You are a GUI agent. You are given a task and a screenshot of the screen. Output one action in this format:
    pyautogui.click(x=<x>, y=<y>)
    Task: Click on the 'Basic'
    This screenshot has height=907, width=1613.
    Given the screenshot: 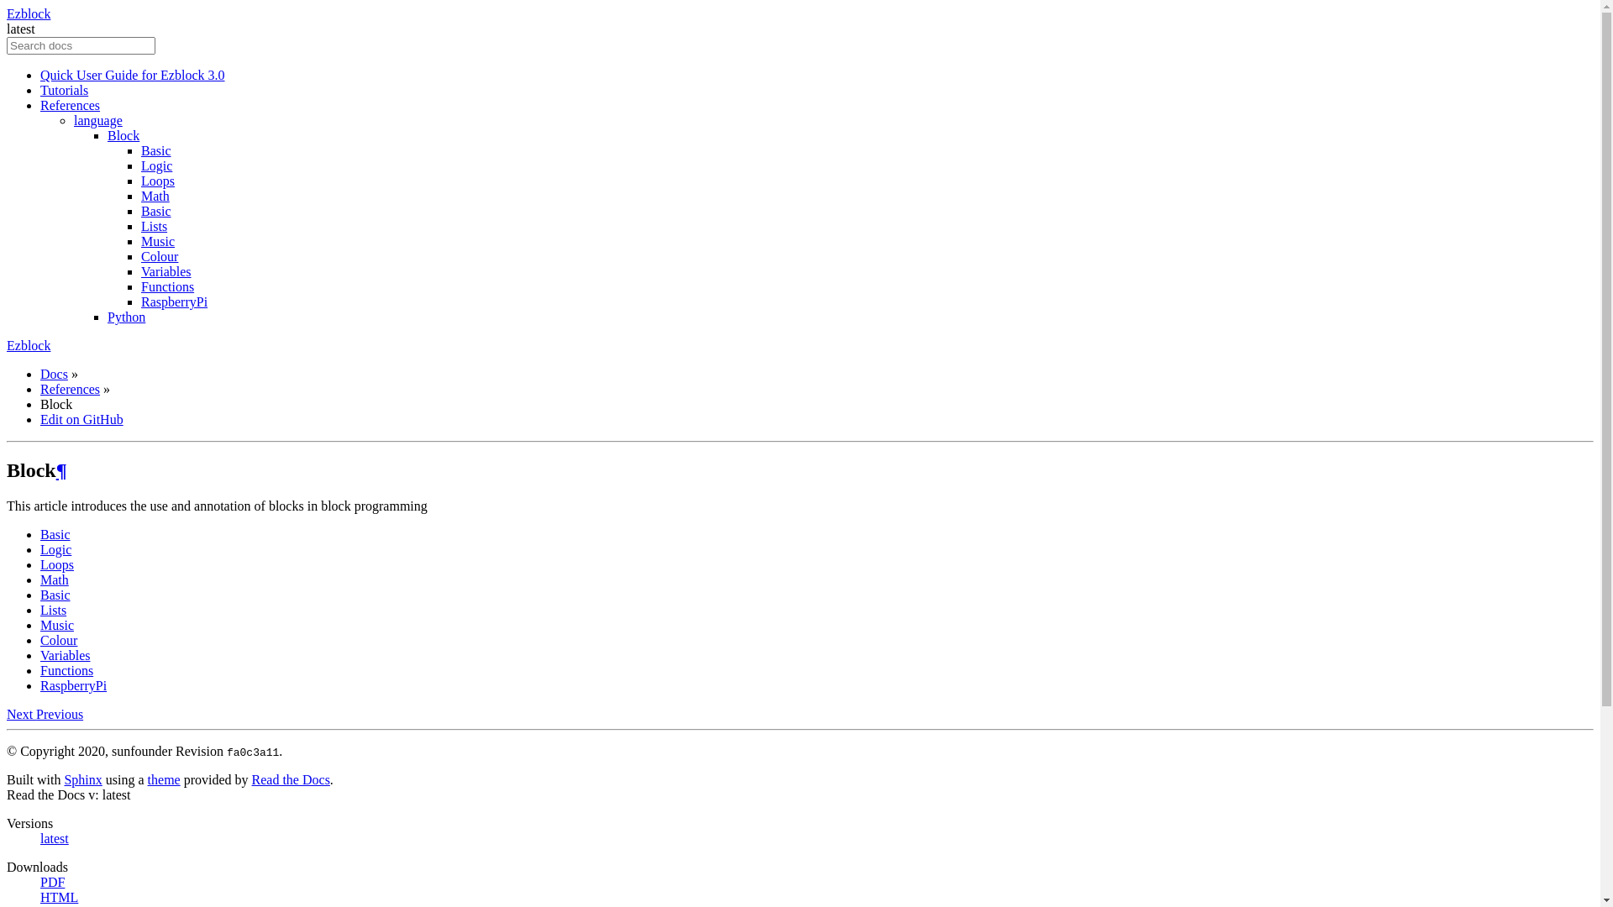 What is the action you would take?
    pyautogui.click(x=141, y=149)
    